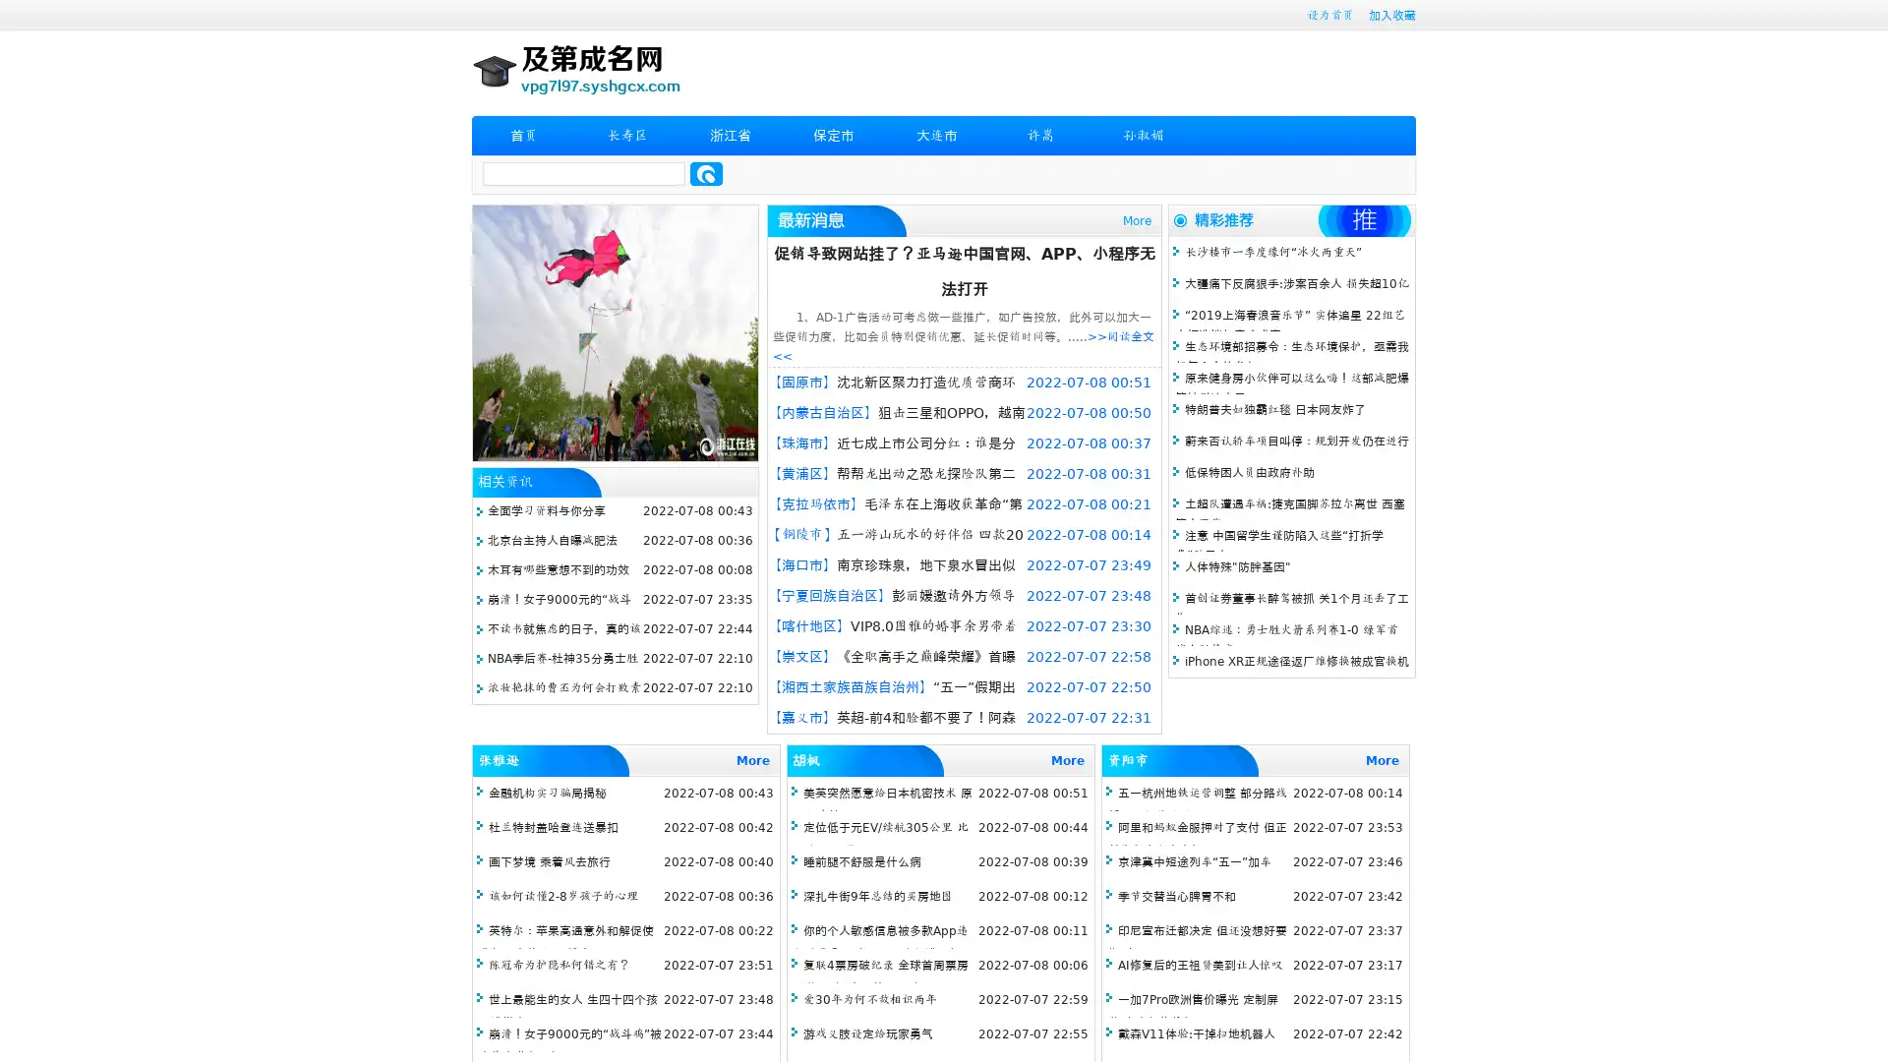  I want to click on Search, so click(706, 173).